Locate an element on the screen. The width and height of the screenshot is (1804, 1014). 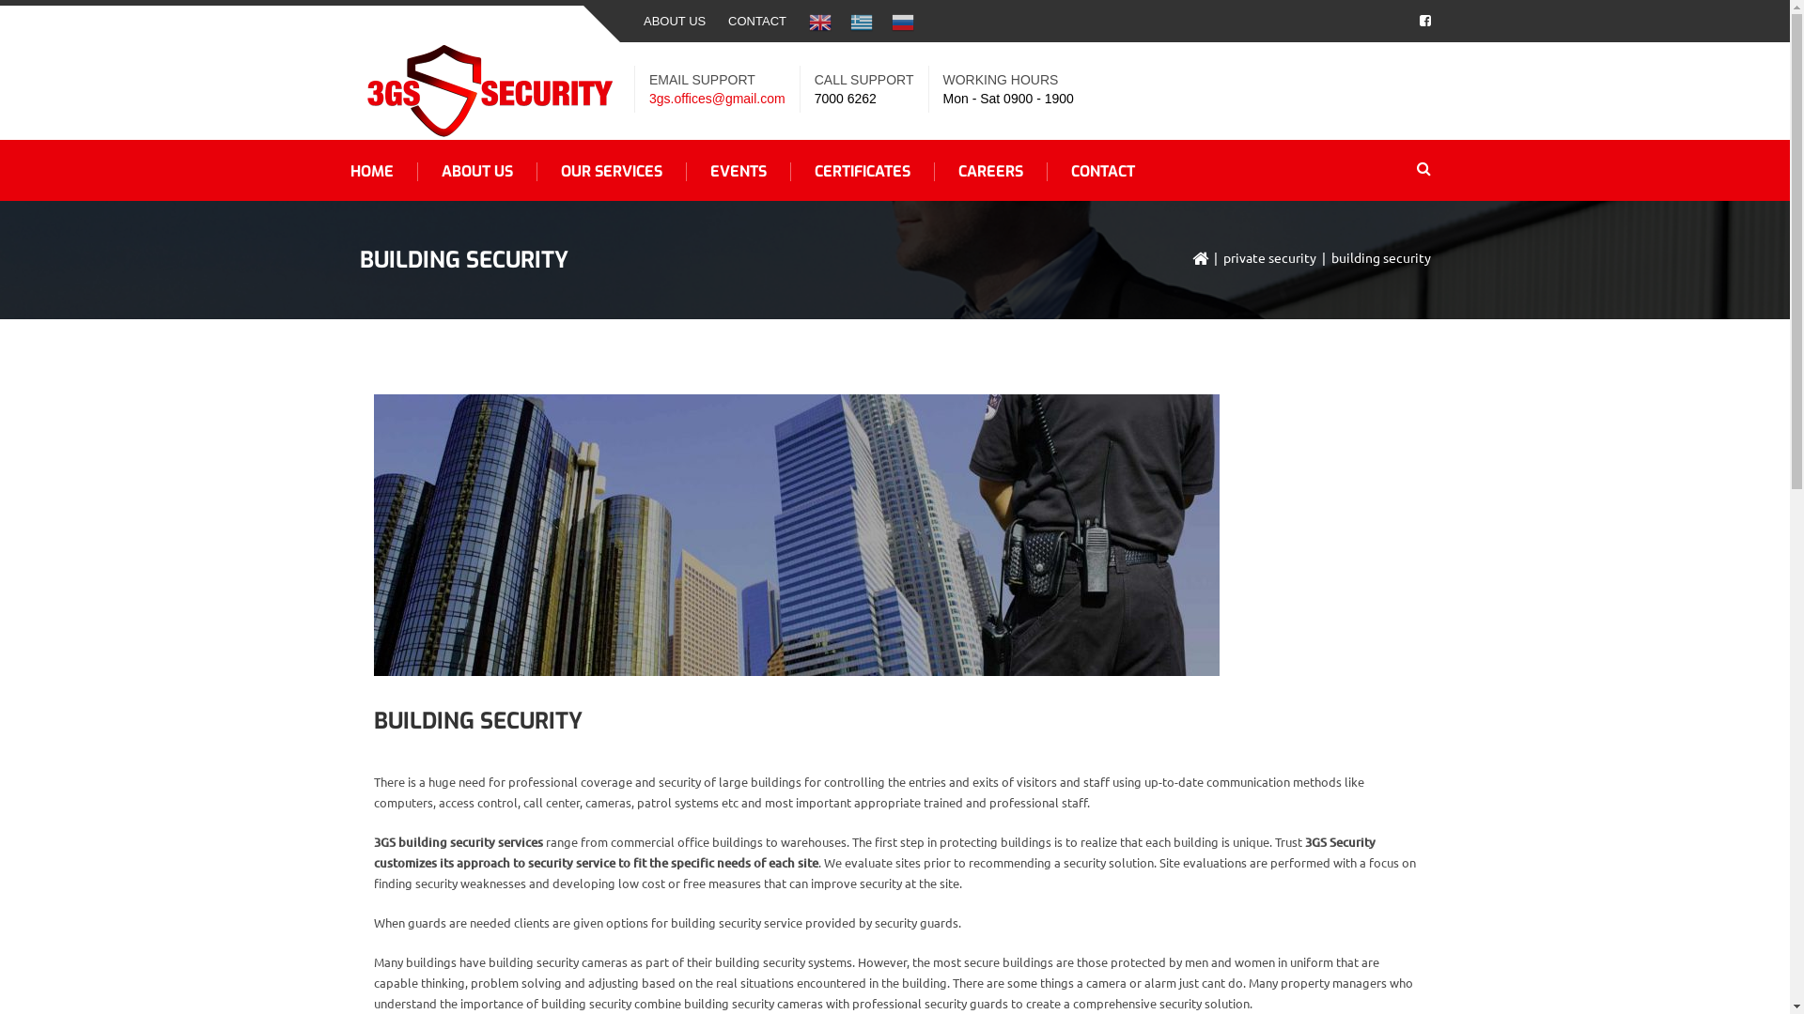
'3gs.offices@gmail.com' is located at coordinates (716, 98).